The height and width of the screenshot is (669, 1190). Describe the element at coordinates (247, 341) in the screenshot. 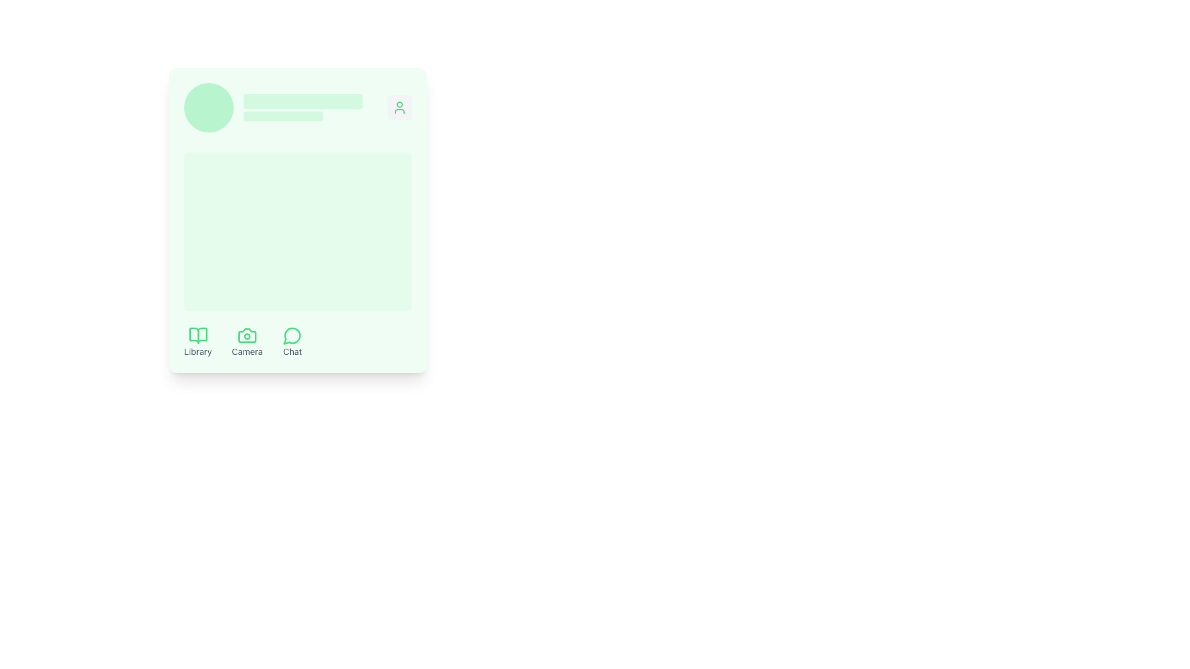

I see `the green camera icon button labeled 'Camera'` at that location.